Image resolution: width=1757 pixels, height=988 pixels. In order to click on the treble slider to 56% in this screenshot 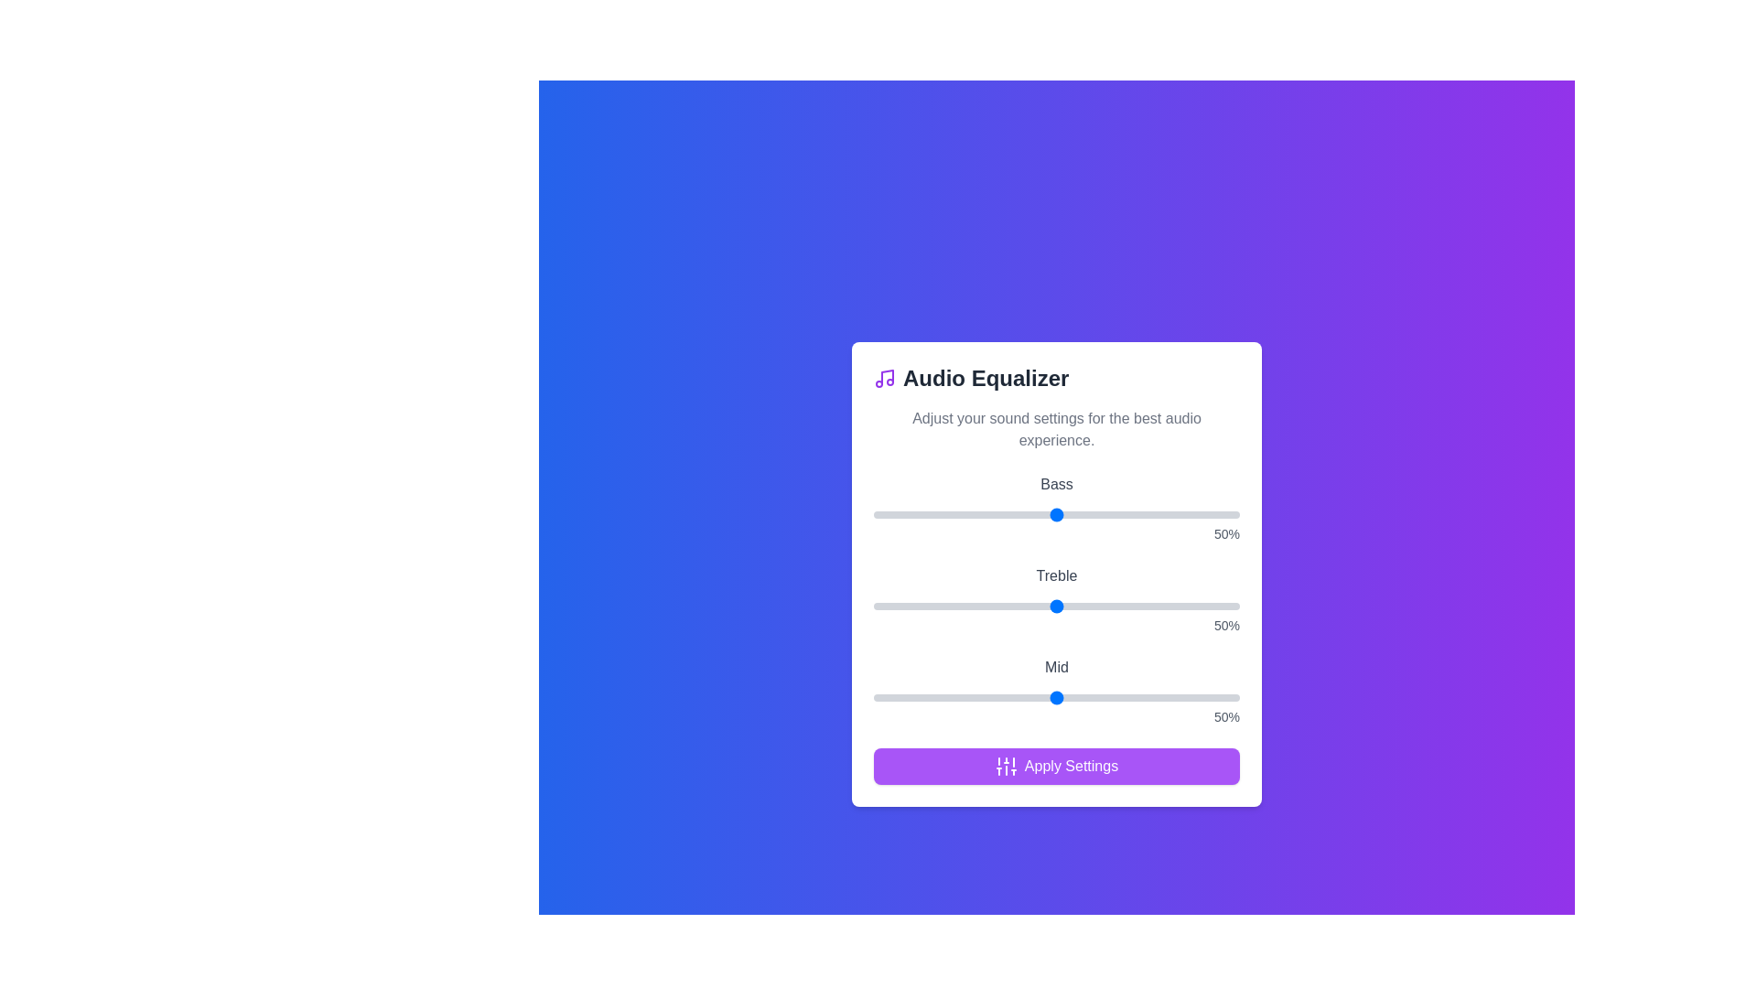, I will do `click(1079, 607)`.